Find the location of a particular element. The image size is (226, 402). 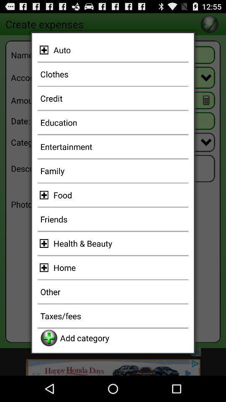

option to expand or open is located at coordinates (45, 243).